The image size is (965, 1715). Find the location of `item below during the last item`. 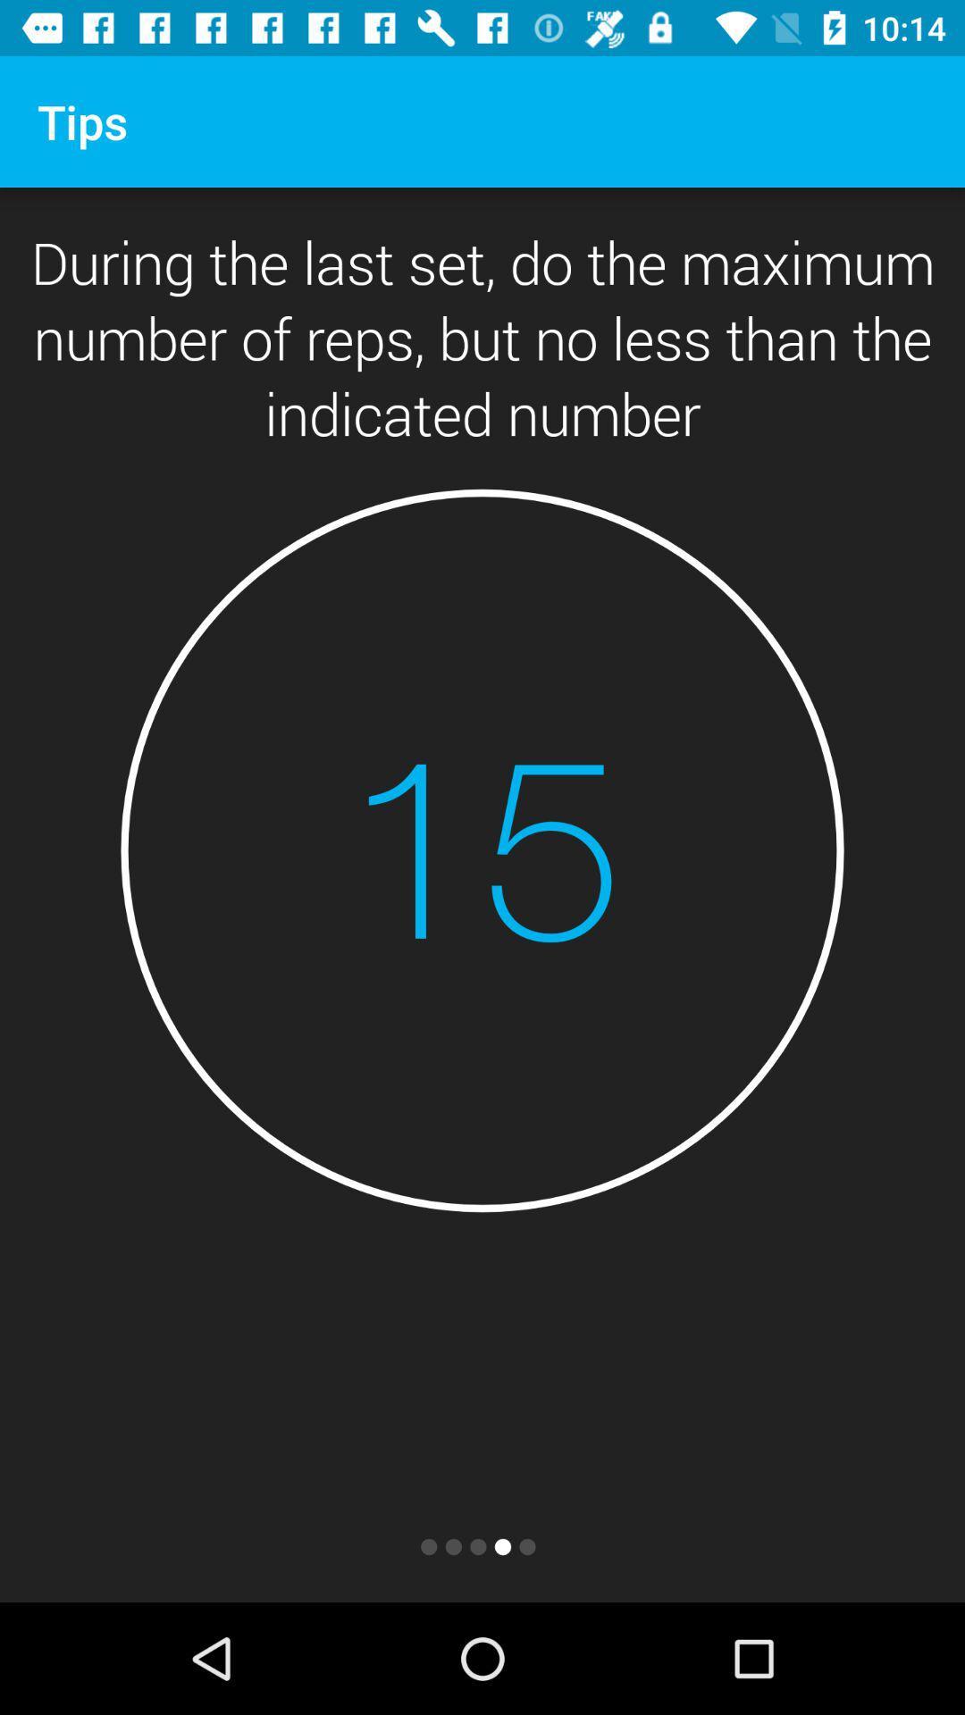

item below during the last item is located at coordinates (482, 849).